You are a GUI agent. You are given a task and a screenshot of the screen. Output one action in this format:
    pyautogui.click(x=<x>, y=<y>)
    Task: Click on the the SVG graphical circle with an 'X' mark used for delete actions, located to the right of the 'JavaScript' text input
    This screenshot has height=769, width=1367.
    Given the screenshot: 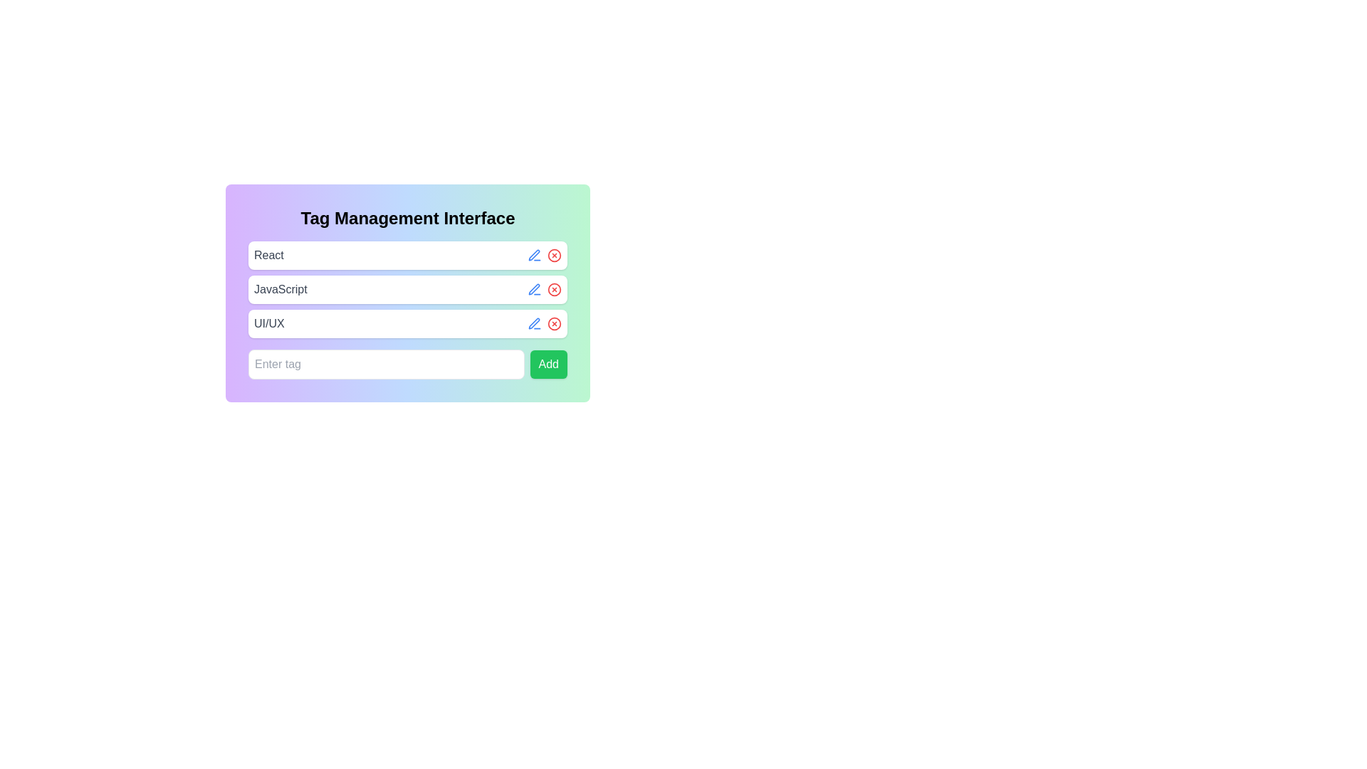 What is the action you would take?
    pyautogui.click(x=553, y=289)
    